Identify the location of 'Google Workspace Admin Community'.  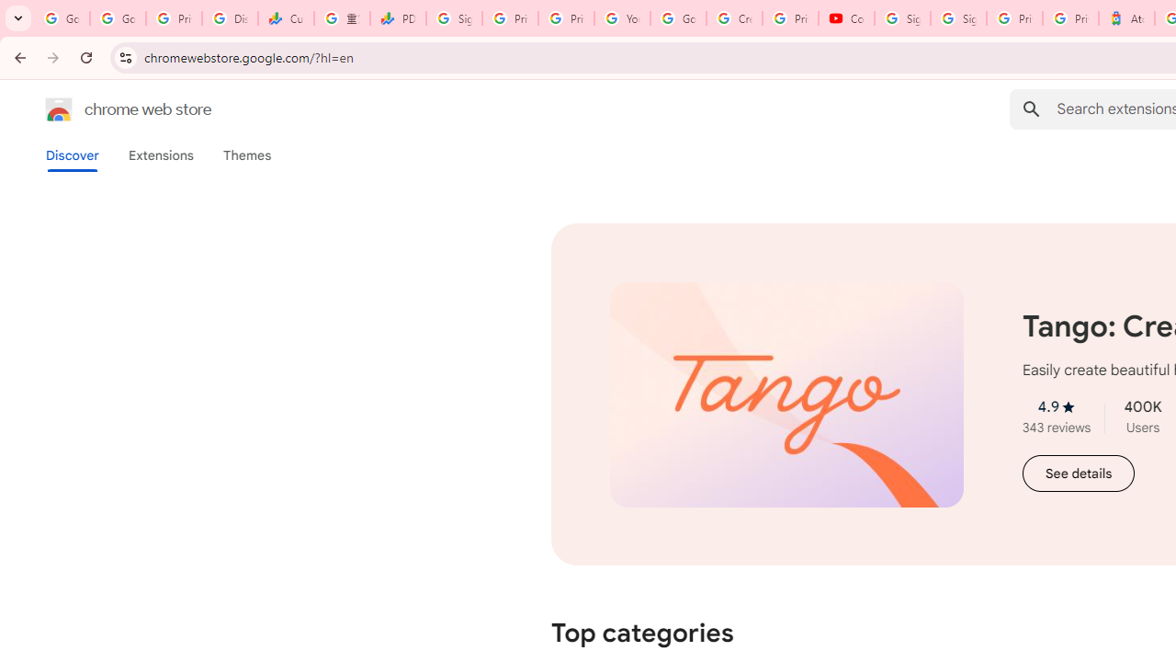
(62, 18).